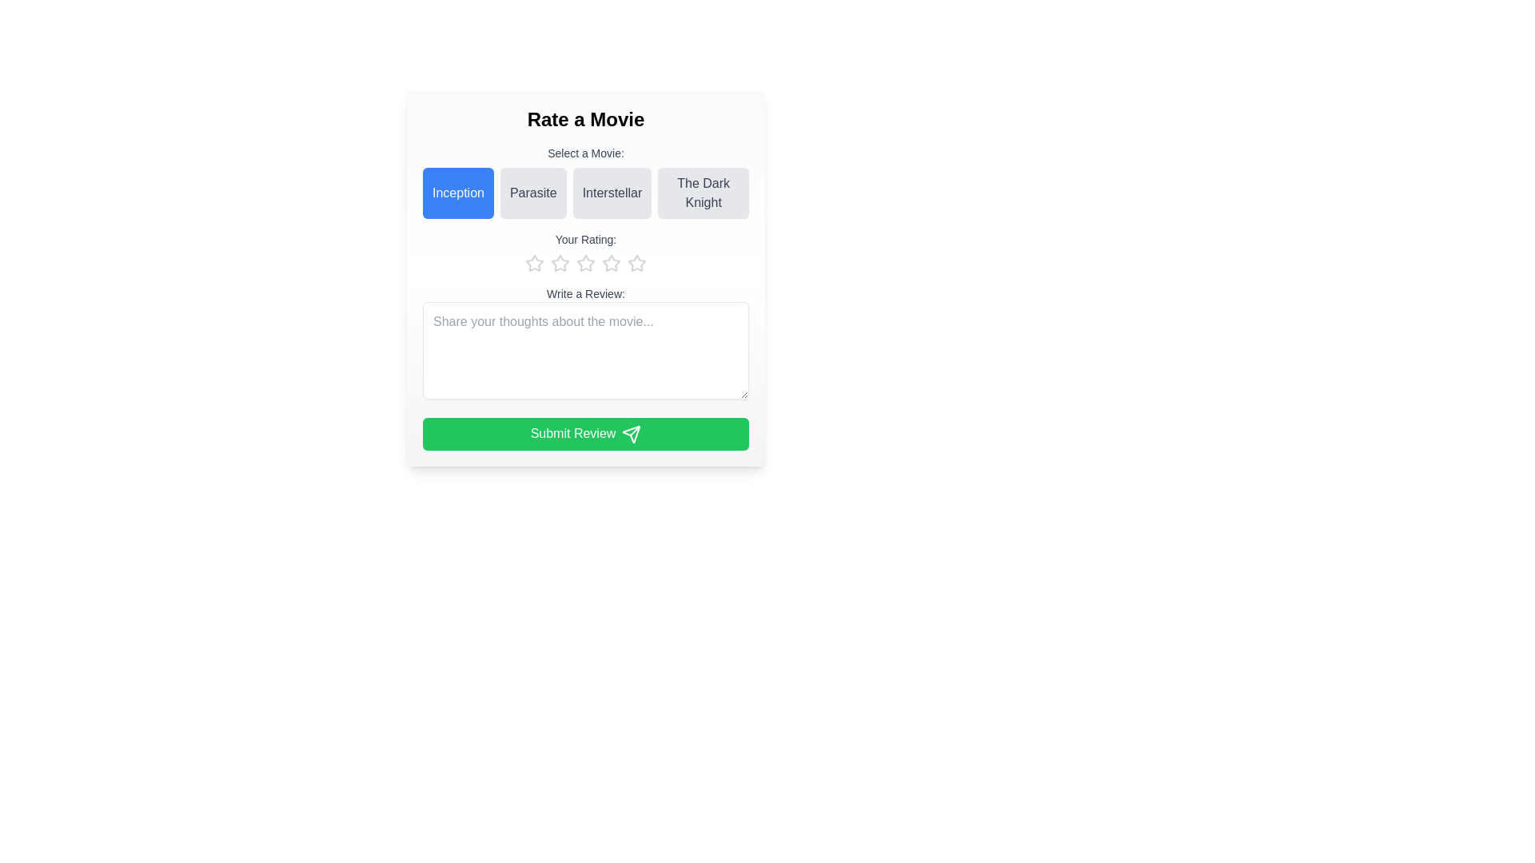  Describe the element at coordinates (585, 252) in the screenshot. I see `individual stars in the rating control to provide a rating by clicking on them` at that location.